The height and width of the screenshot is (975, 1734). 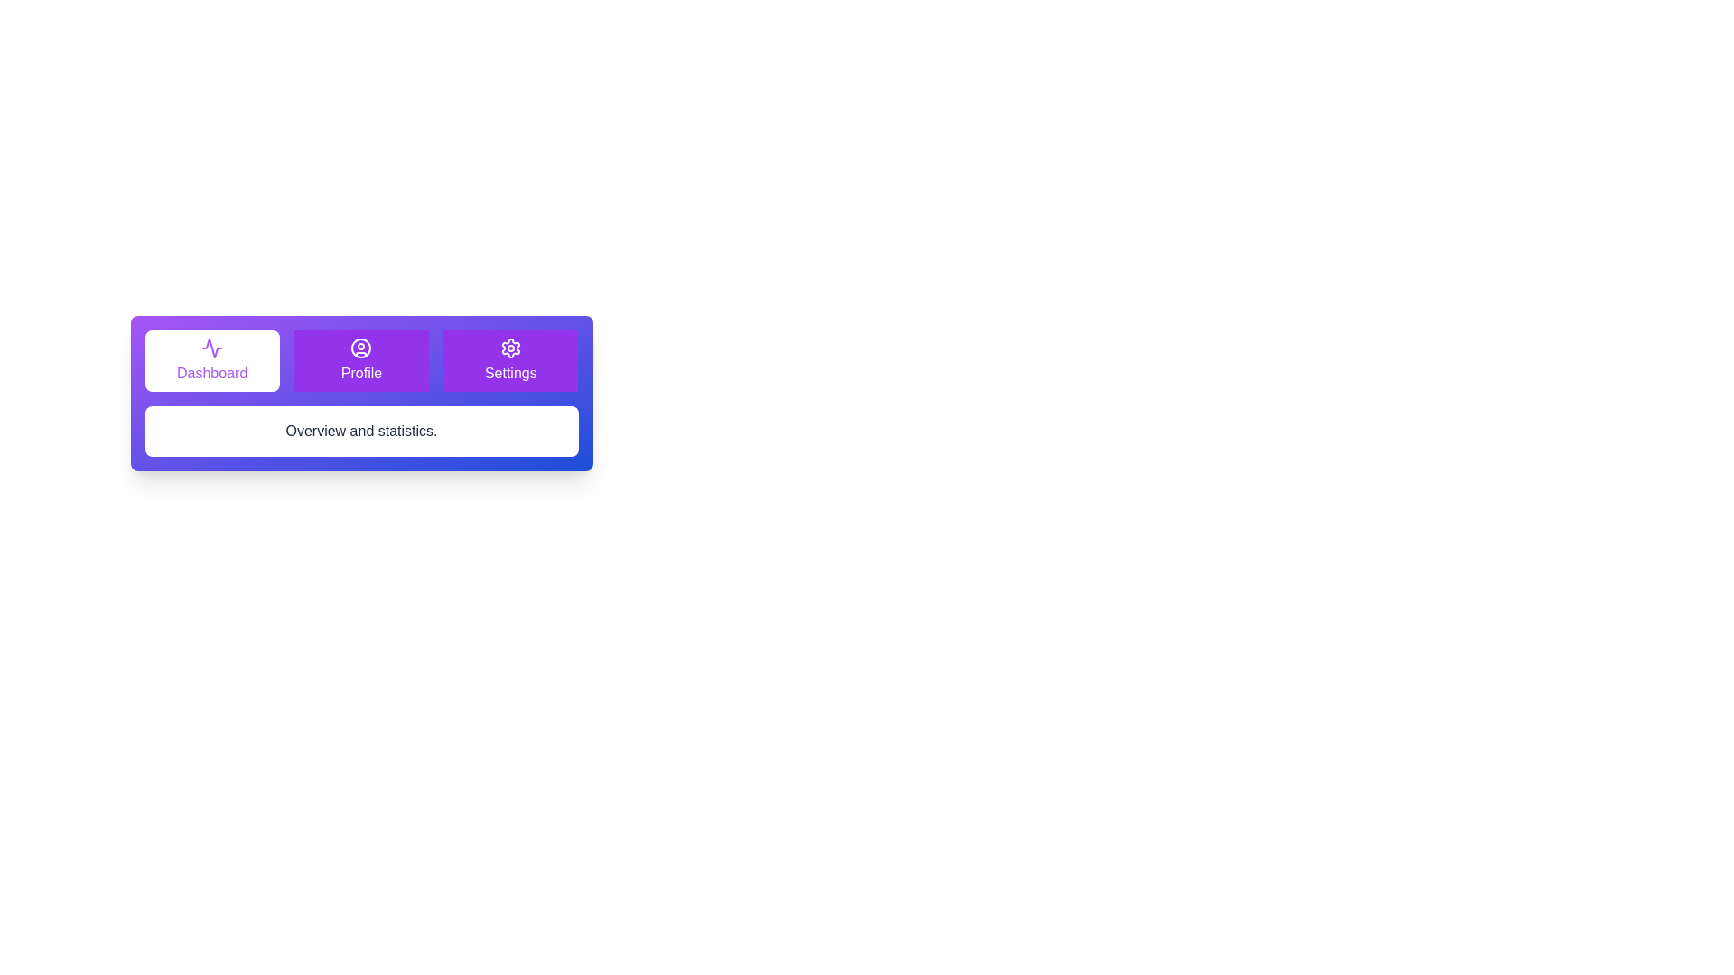 What do you see at coordinates (361, 348) in the screenshot?
I see `the icon for the Profile tab to activate it` at bounding box center [361, 348].